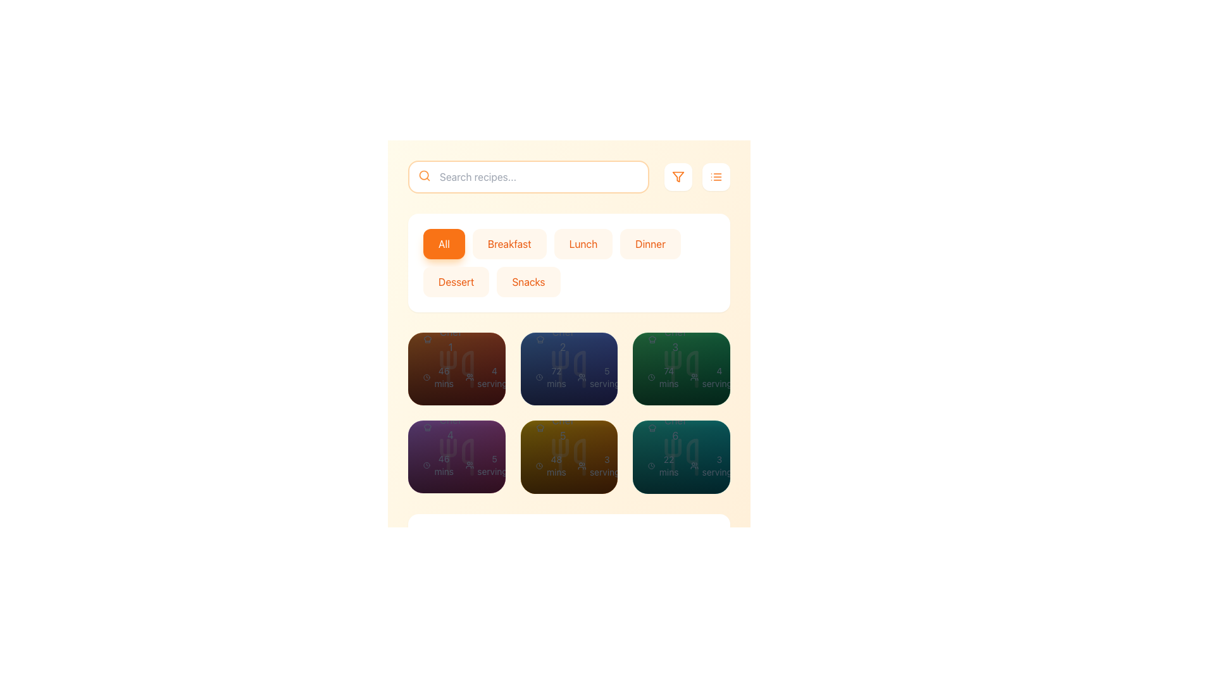 The image size is (1215, 683). What do you see at coordinates (568, 377) in the screenshot?
I see `the Information Summary Card in the bottom-right quadrant of the card grid` at bounding box center [568, 377].